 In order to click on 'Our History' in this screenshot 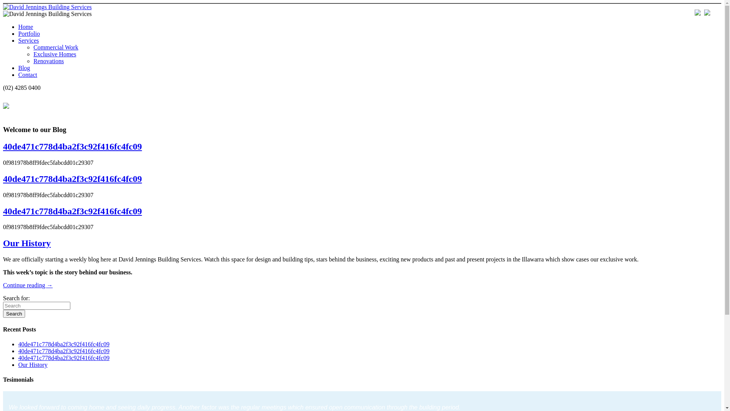, I will do `click(32, 364)`.